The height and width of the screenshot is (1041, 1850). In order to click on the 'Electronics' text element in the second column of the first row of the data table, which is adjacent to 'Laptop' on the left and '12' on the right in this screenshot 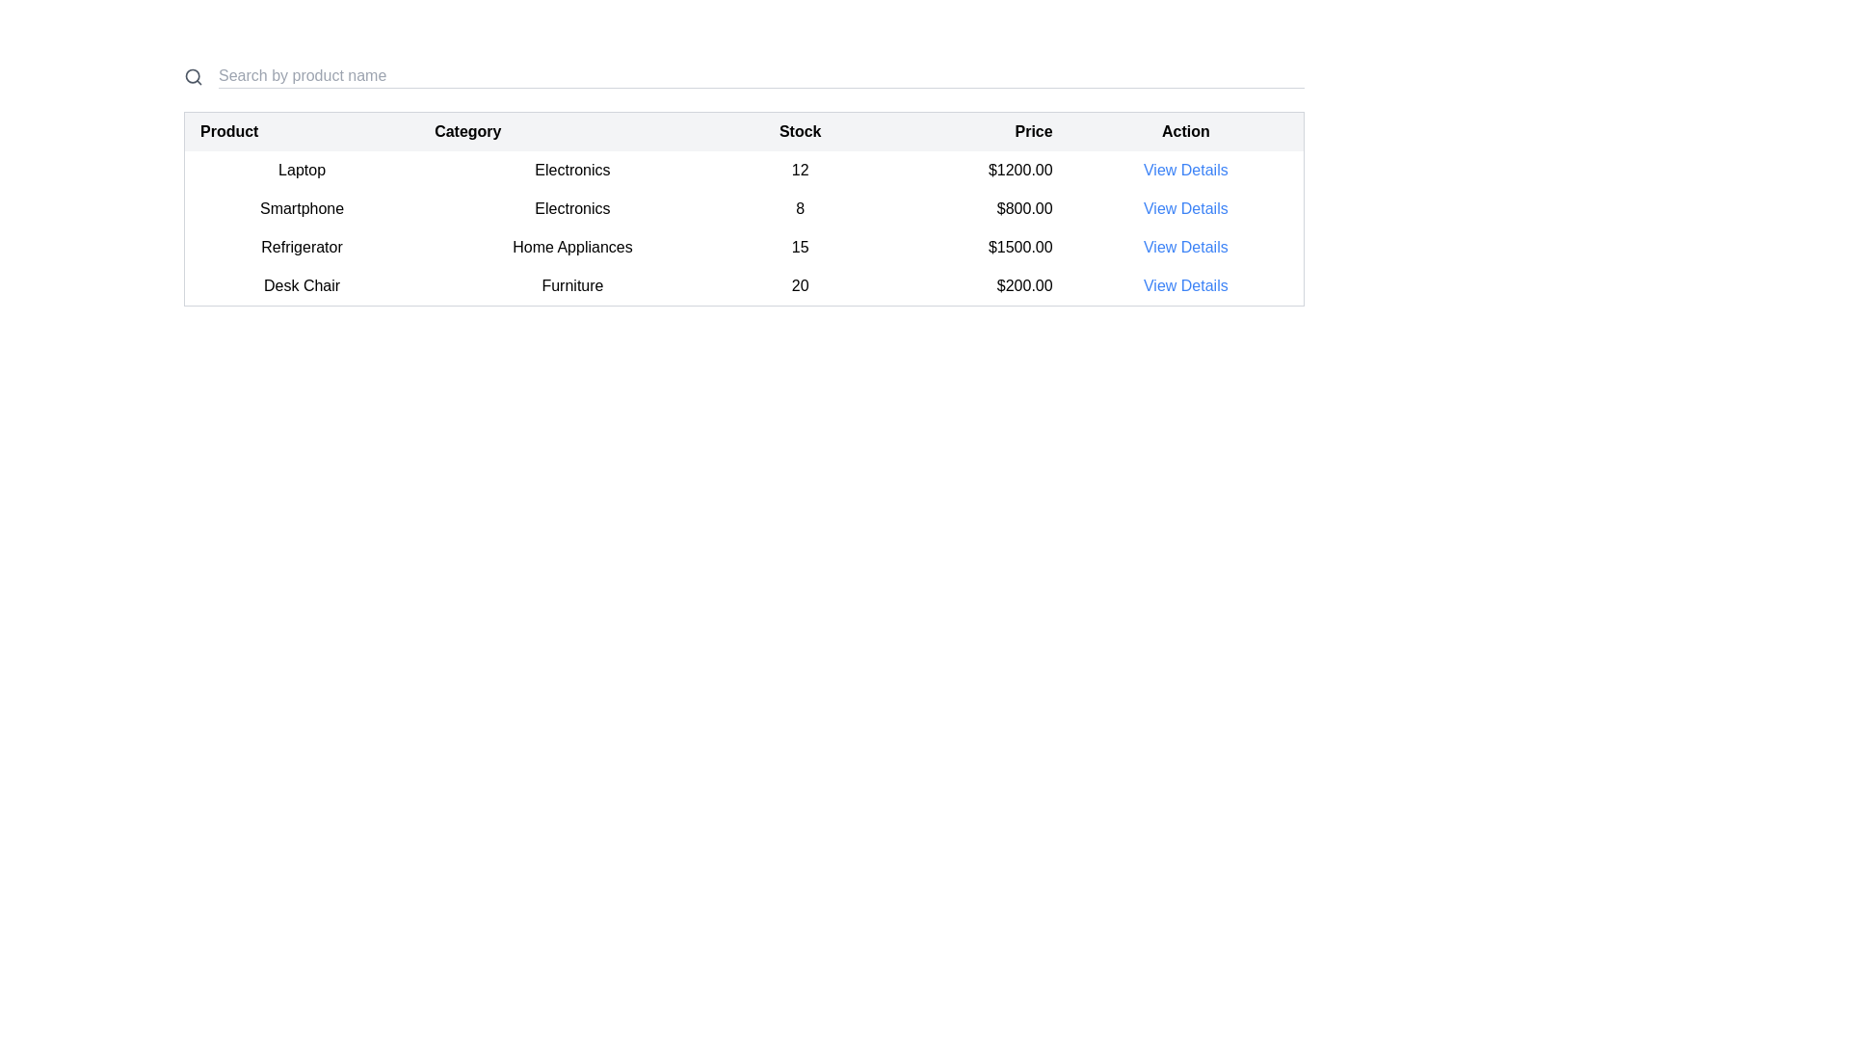, I will do `click(571, 170)`.